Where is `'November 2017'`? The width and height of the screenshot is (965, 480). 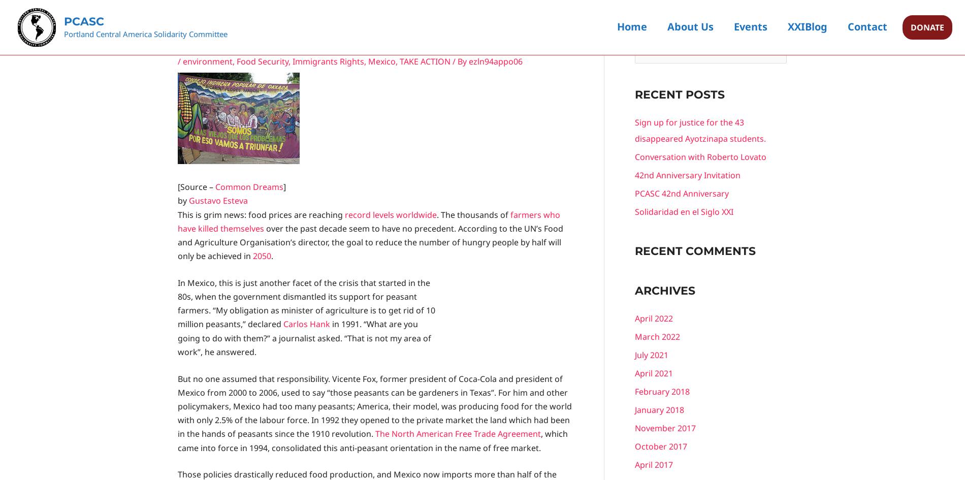 'November 2017' is located at coordinates (665, 427).